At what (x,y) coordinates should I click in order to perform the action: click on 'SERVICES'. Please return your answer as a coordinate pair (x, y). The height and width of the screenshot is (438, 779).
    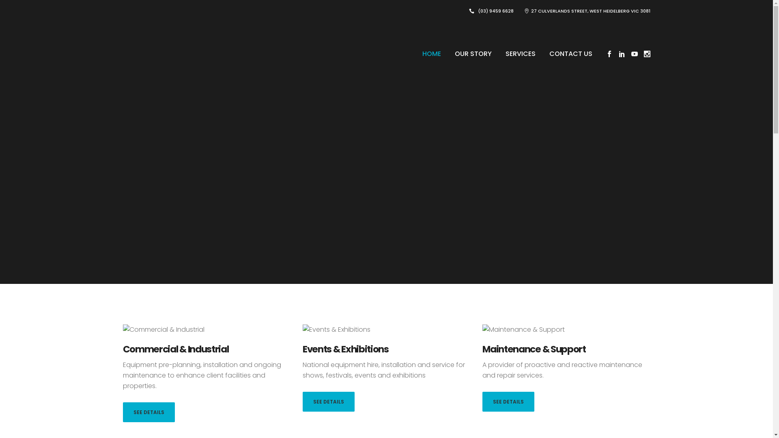
    Looking at the image, I should click on (520, 54).